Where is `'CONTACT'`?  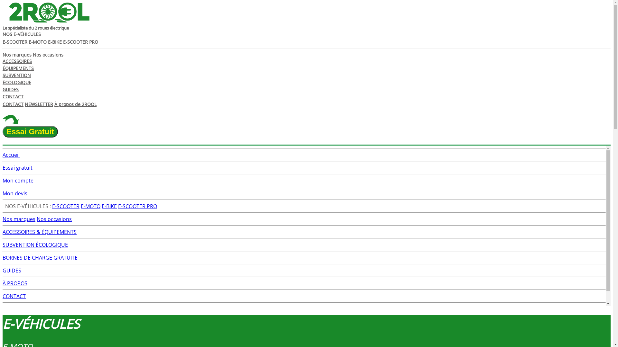
'CONTACT' is located at coordinates (13, 104).